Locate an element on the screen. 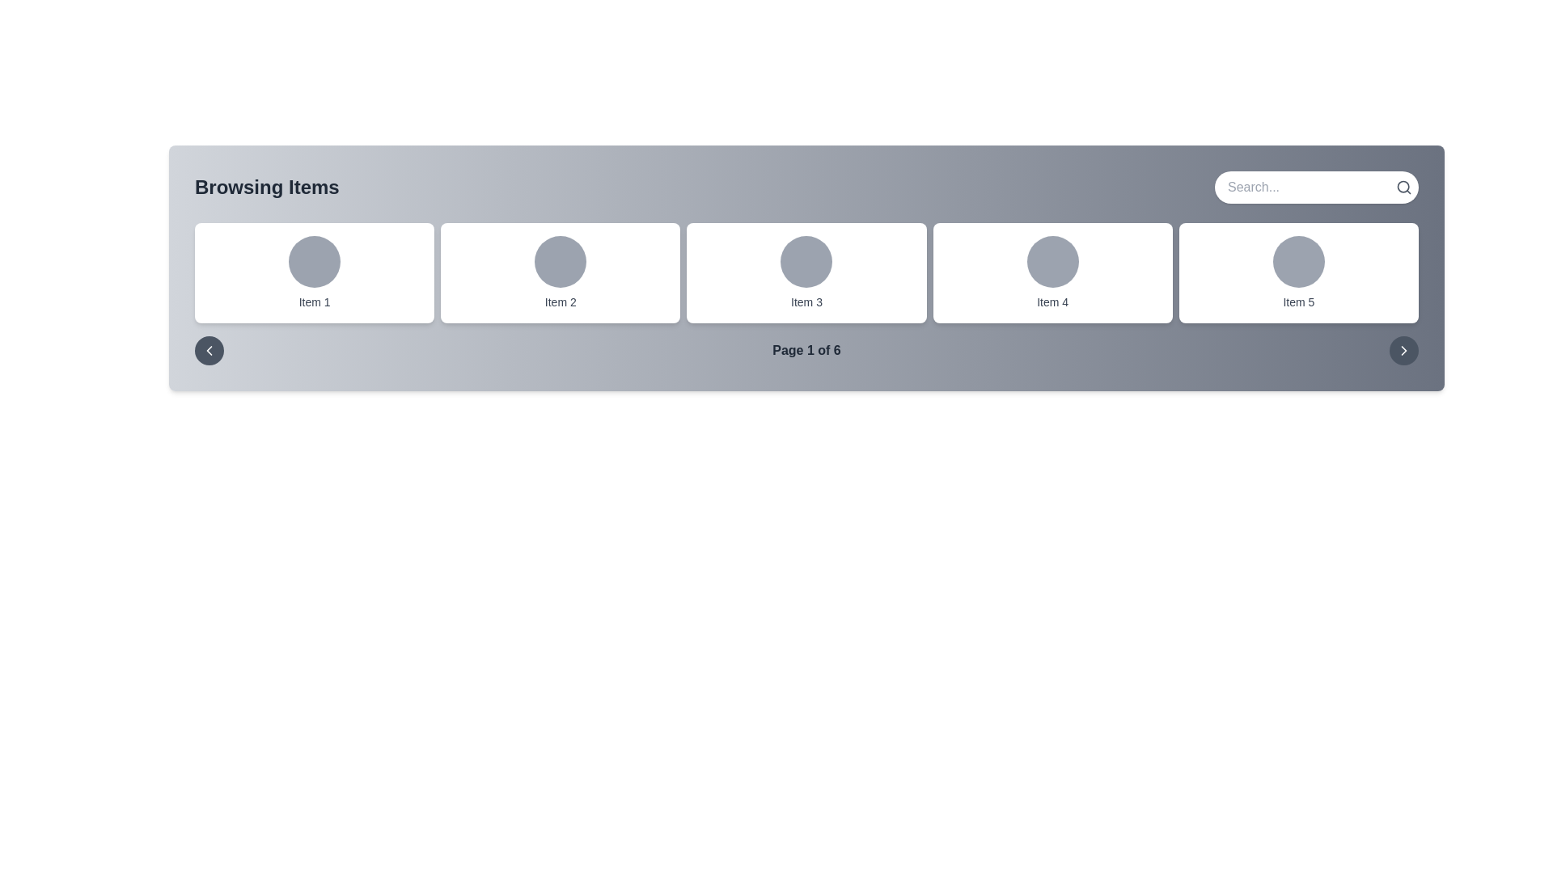 This screenshot has width=1553, height=873. text label 'Item 4' located at the bottom of the fourth card in a horizontal list of cards is located at coordinates (1052, 302).